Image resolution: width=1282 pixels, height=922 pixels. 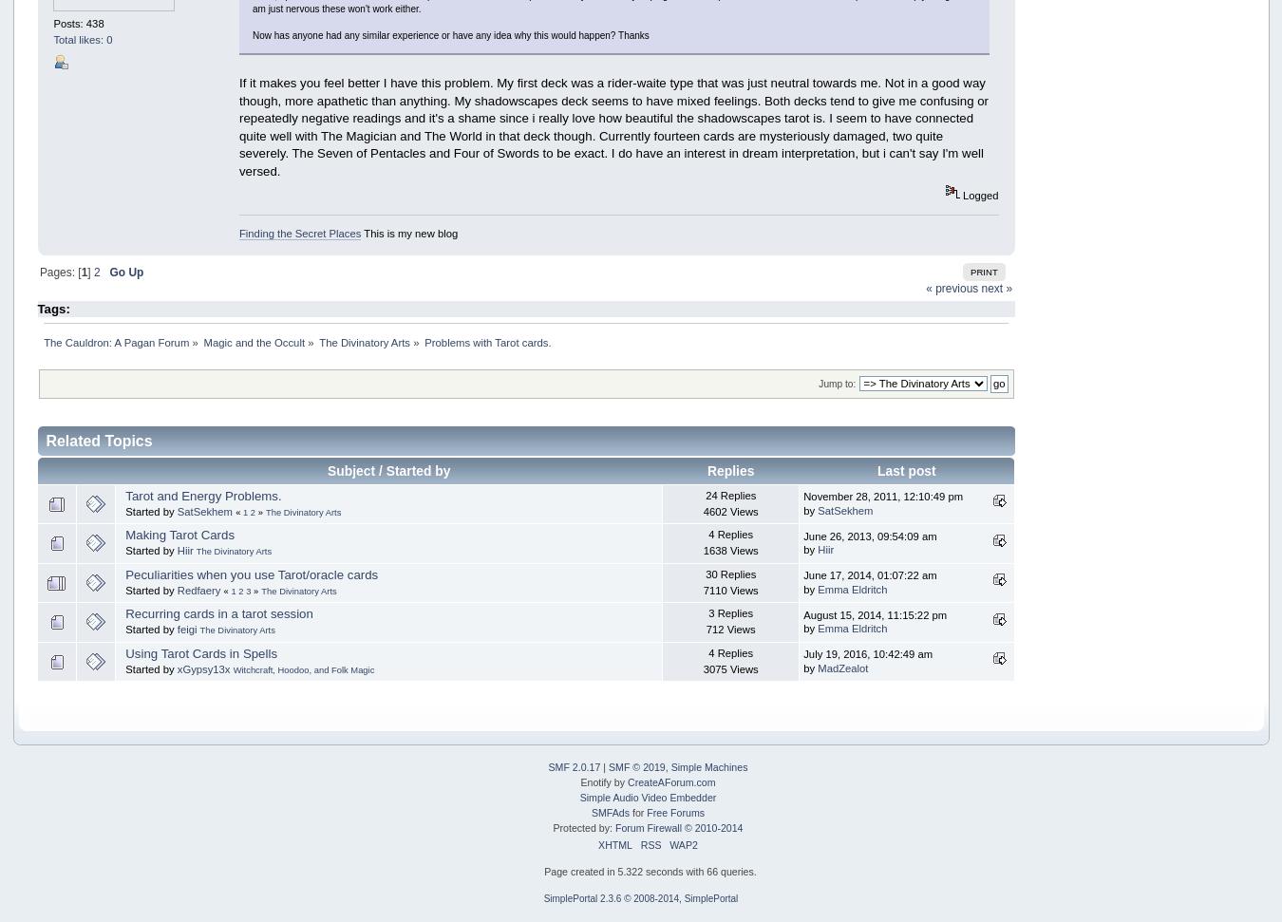 I want to click on 'Related Topics', so click(x=45, y=441).